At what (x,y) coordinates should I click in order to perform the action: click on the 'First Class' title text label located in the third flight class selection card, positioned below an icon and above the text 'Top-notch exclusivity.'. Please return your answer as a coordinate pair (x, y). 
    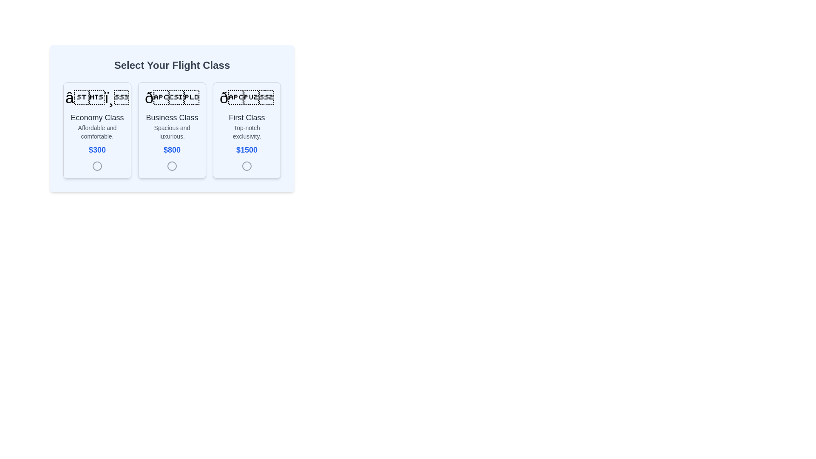
    Looking at the image, I should click on (246, 118).